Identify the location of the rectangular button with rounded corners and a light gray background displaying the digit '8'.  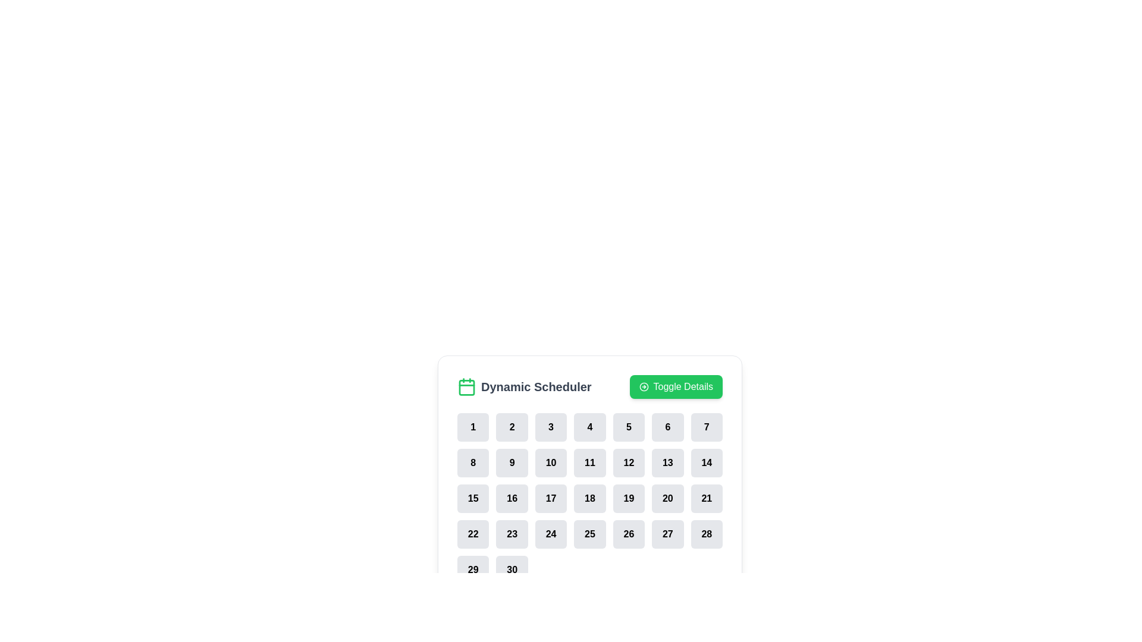
(472, 462).